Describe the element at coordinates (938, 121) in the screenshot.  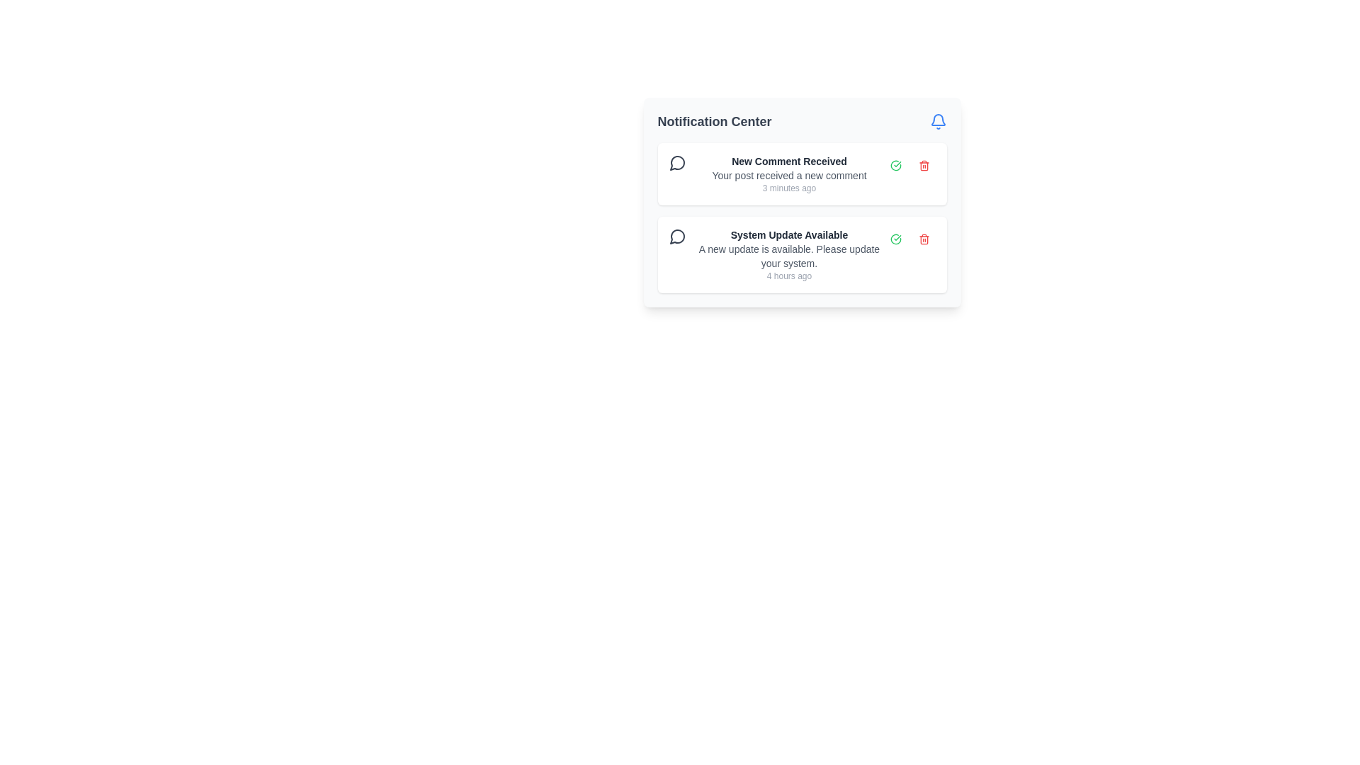
I see `the bell icon located at the top-right of the 'Notification Center' header, adjacent to the text 'Notification Center'` at that location.